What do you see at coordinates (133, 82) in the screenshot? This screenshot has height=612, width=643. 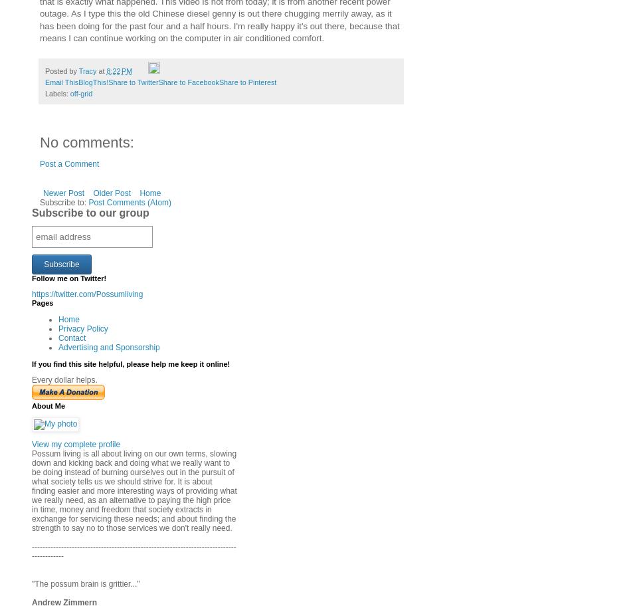 I see `'Share to Twitter'` at bounding box center [133, 82].